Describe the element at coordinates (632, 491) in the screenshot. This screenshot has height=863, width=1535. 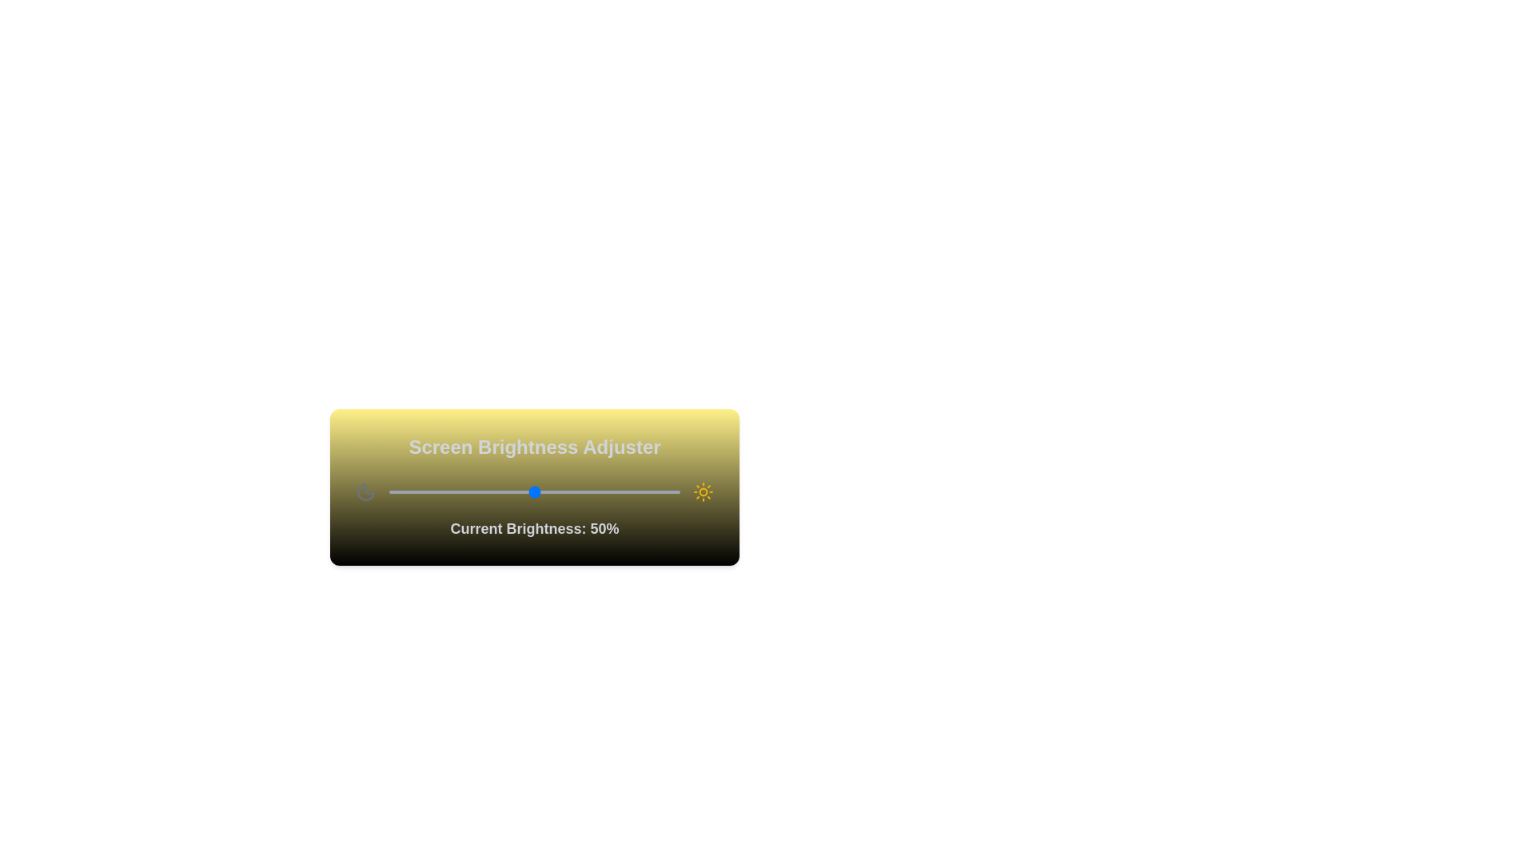
I see `the brightness slider to 84%` at that location.